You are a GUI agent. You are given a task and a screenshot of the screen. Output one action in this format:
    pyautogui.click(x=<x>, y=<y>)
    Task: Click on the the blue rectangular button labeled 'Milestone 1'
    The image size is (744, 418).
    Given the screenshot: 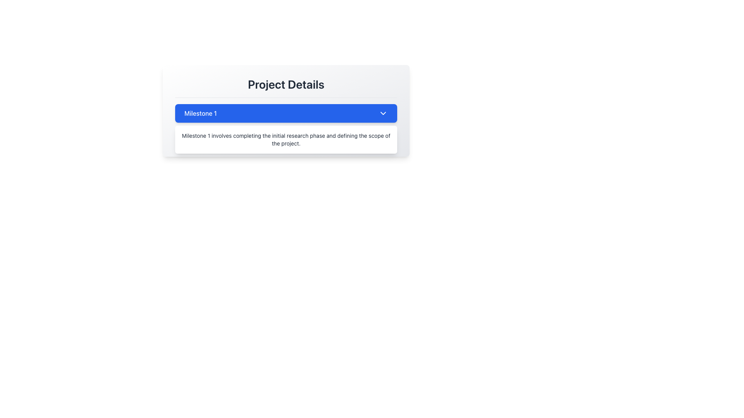 What is the action you would take?
    pyautogui.click(x=286, y=113)
    